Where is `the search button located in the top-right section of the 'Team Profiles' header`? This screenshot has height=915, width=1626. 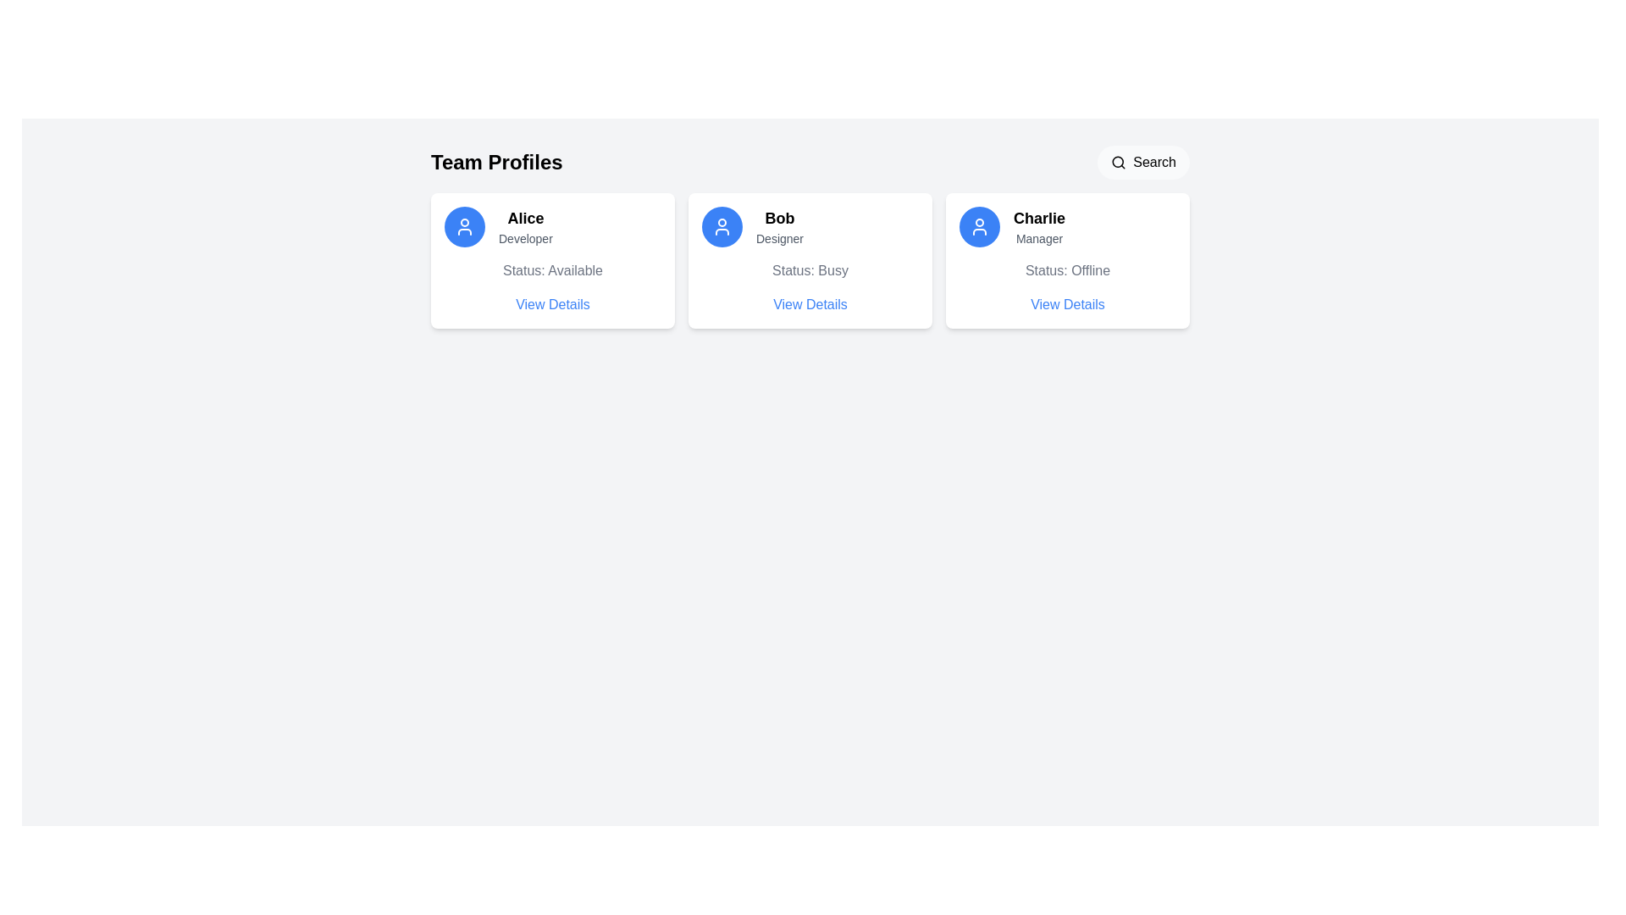
the search button located in the top-right section of the 'Team Profiles' header is located at coordinates (1143, 163).